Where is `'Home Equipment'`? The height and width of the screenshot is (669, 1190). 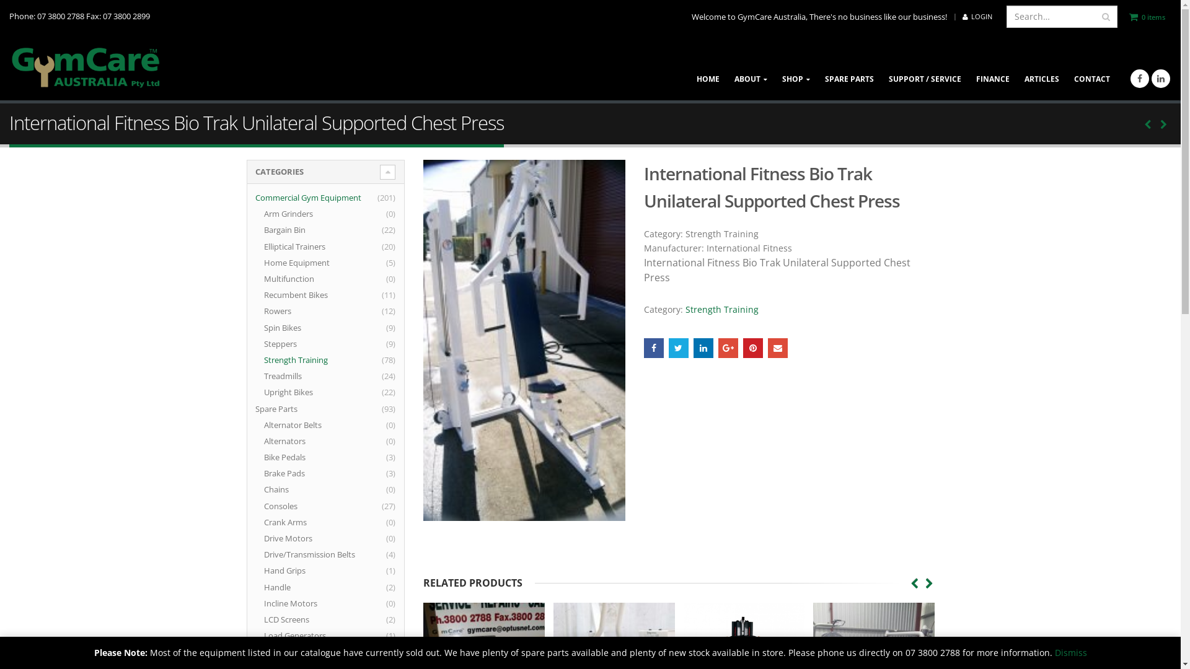 'Home Equipment' is located at coordinates (304, 262).